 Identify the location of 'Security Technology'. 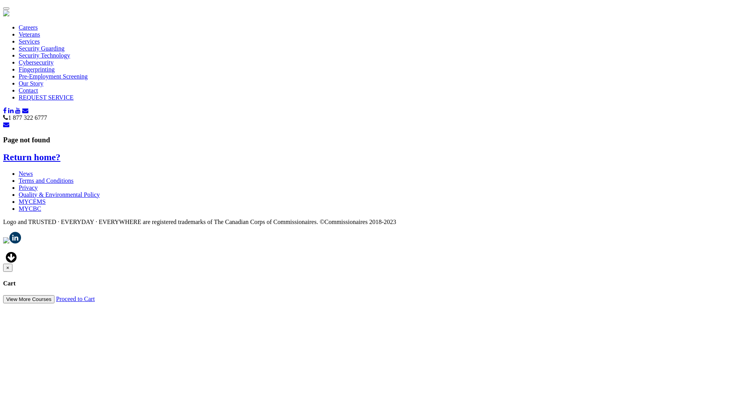
(44, 55).